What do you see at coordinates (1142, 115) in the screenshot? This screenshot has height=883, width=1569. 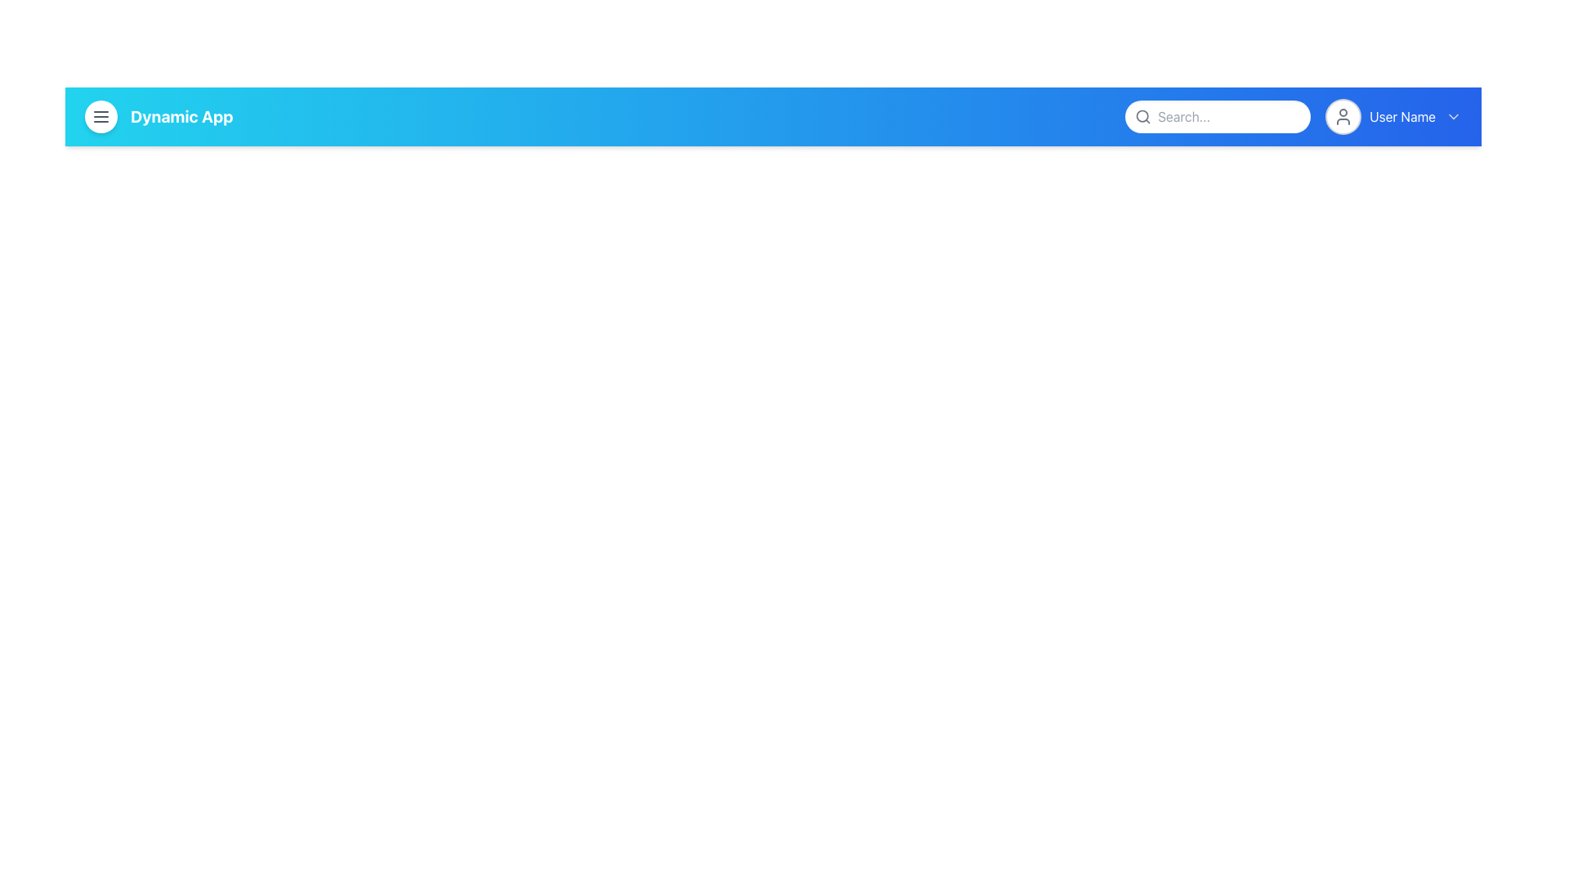 I see `the SVG magnifying glass icon located at the leftmost side of the search bar` at bounding box center [1142, 115].